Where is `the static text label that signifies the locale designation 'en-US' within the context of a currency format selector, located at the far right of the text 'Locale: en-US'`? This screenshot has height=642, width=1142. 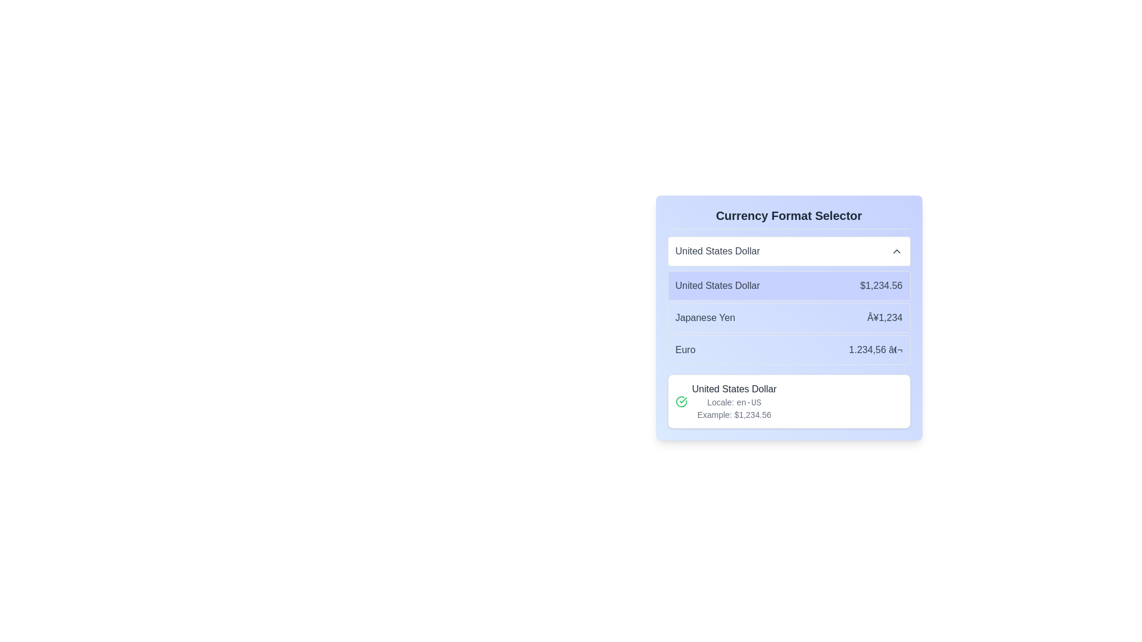 the static text label that signifies the locale designation 'en-US' within the context of a currency format selector, located at the far right of the text 'Locale: en-US' is located at coordinates (748, 402).